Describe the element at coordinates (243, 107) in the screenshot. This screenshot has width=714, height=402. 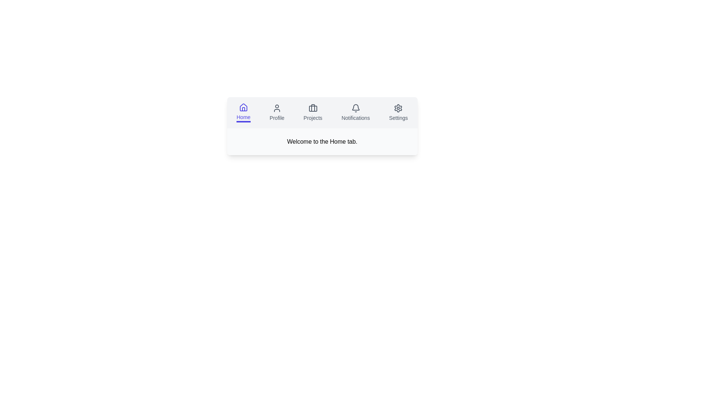
I see `the house icon located in the navigation bar` at that location.